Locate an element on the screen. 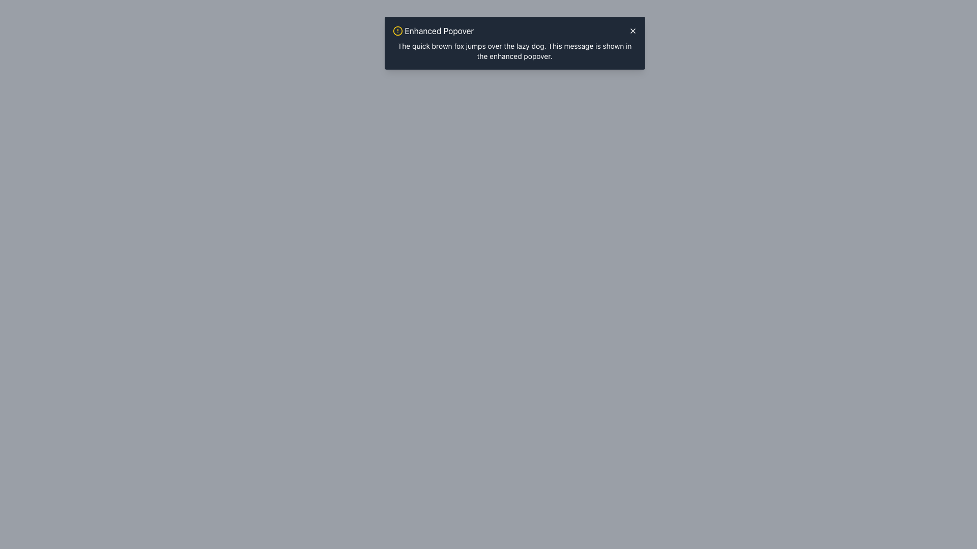  the Alert Indicator Icon, which is a circular icon with a yellow border and a hollow center, located to the immediate left of the text 'Enhanced Popover' is located at coordinates (397, 30).